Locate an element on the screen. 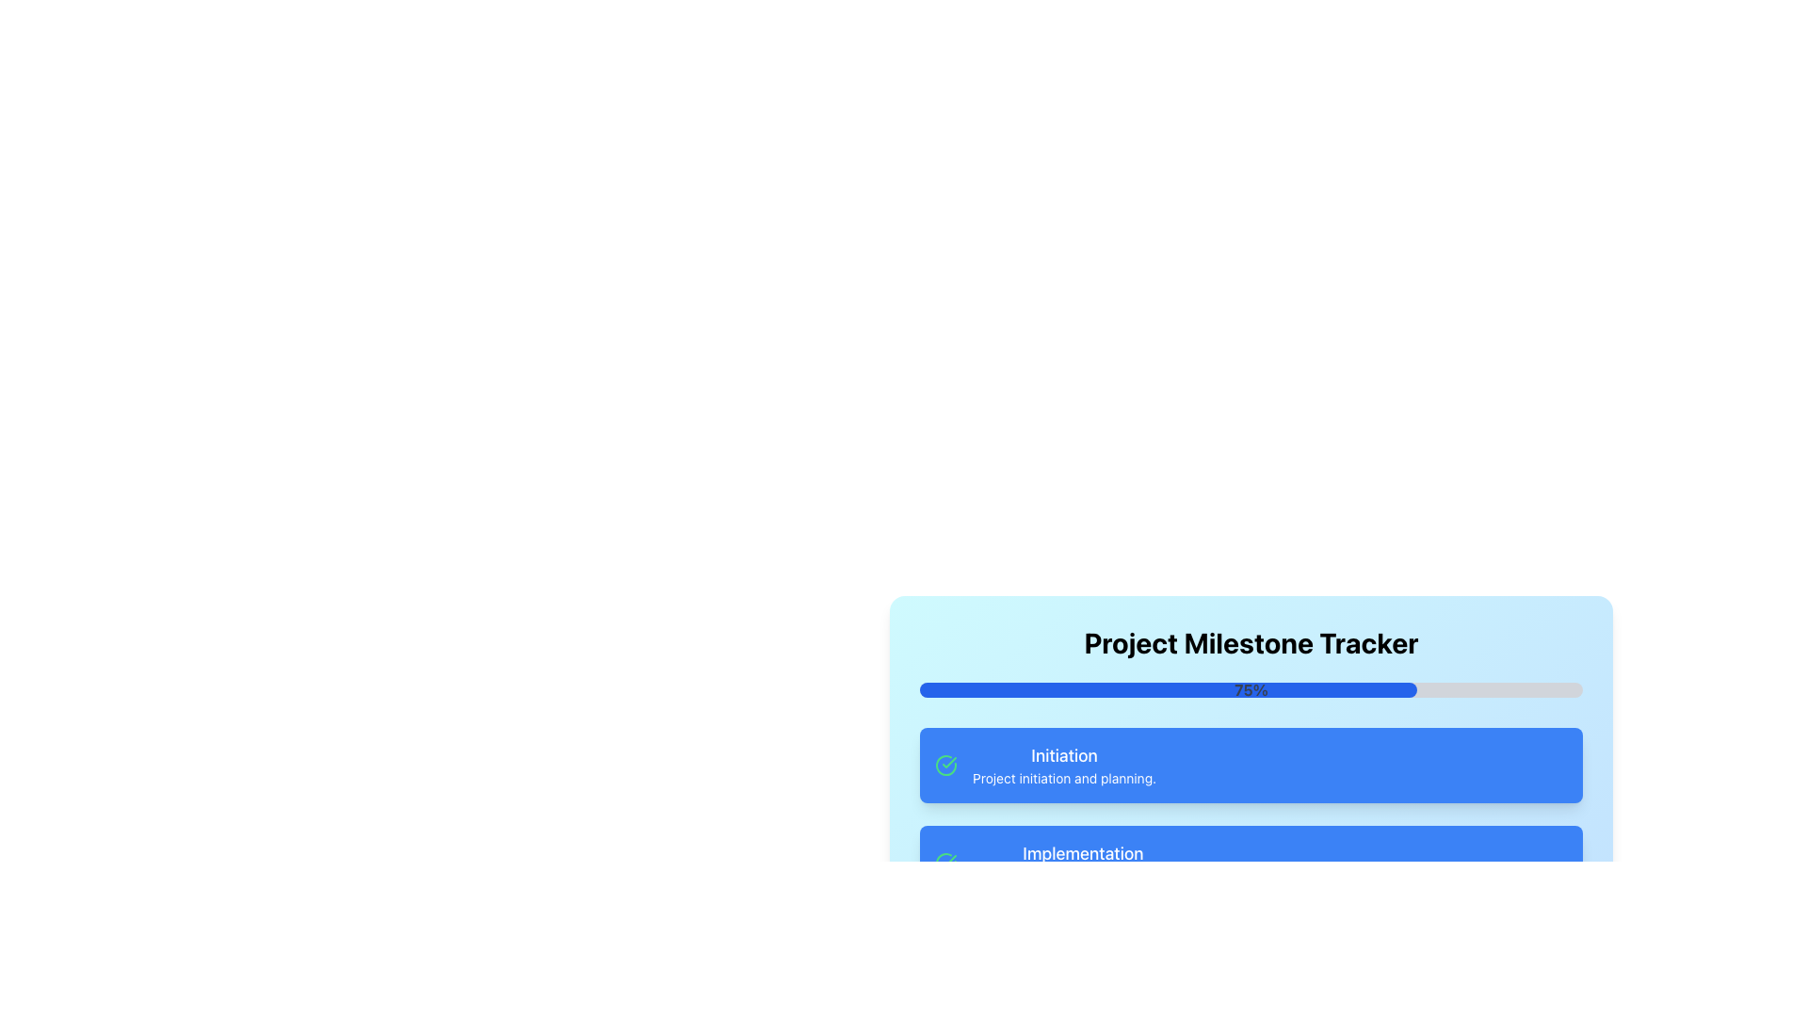 Image resolution: width=1808 pixels, height=1017 pixels. the Text header element styled with the title 'Implementation', which is displayed in bold white text on a blue background, positioned within a card-like component is located at coordinates (1083, 853).